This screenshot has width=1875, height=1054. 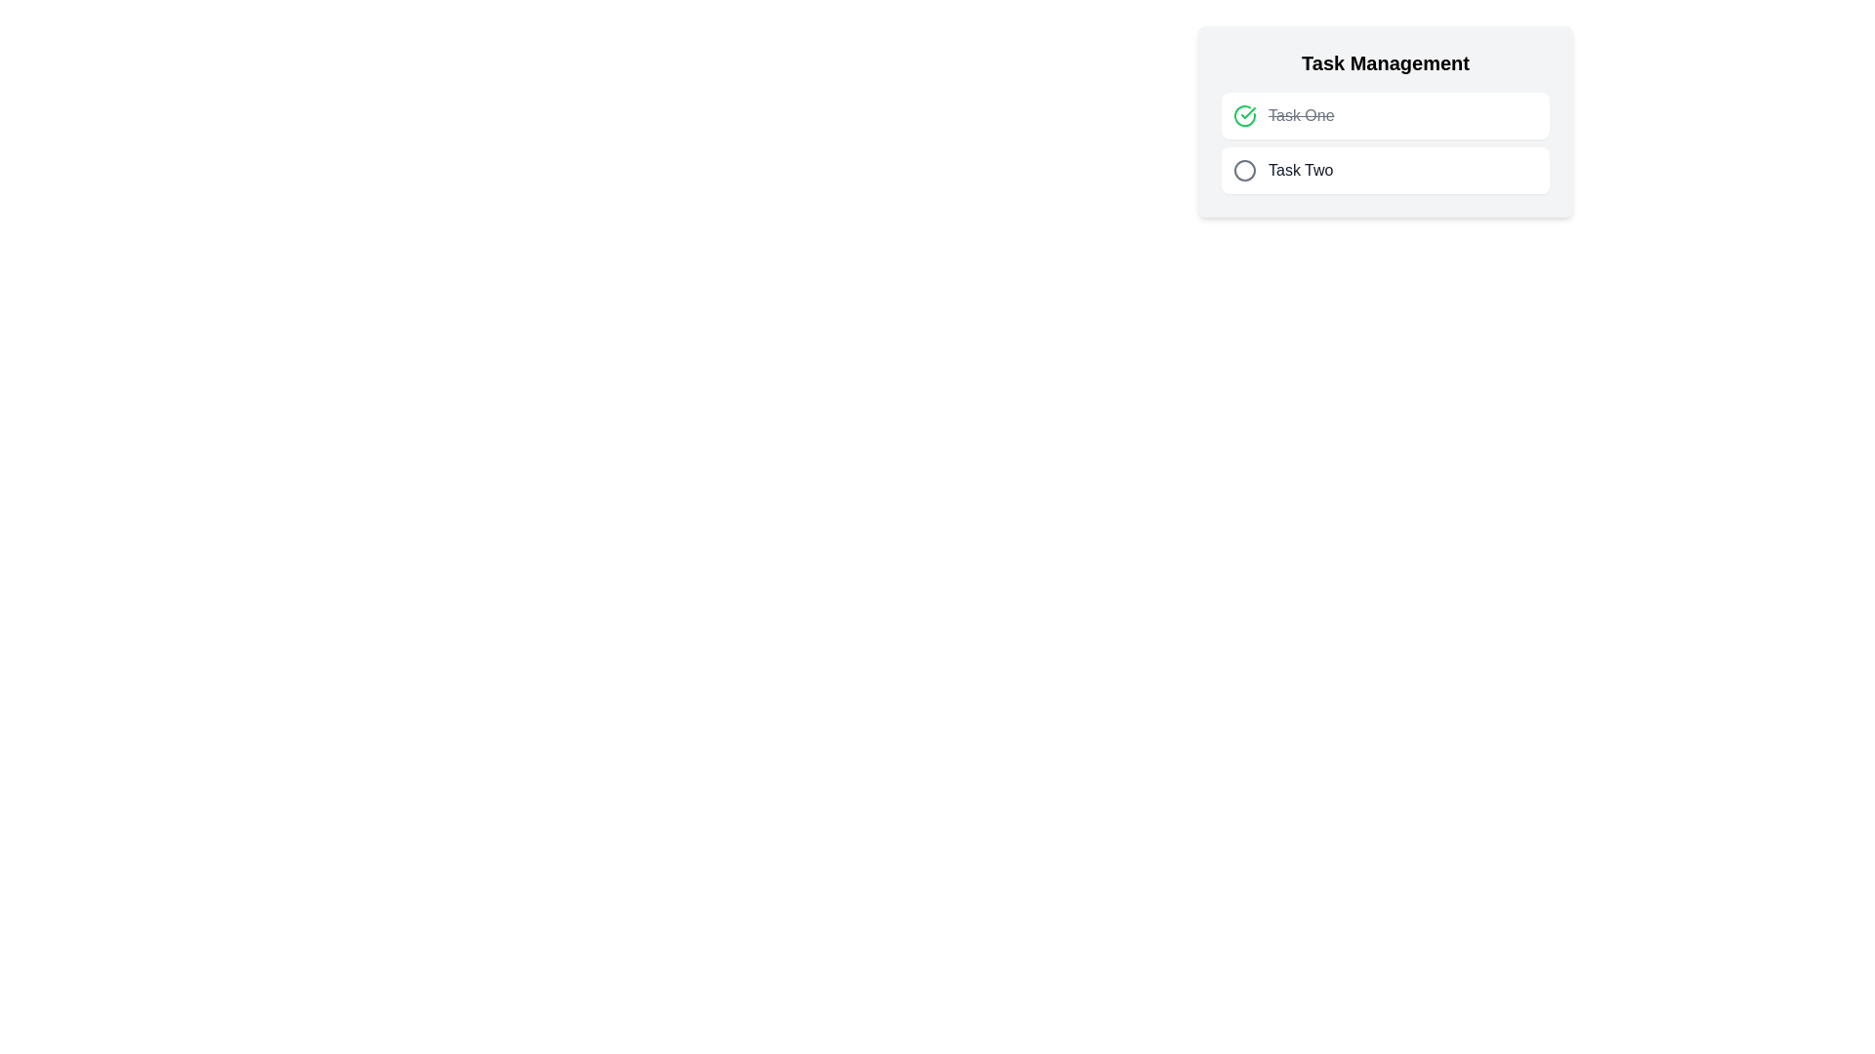 What do you see at coordinates (1244, 169) in the screenshot?
I see `the Icon Button that serves as a status indicator or action trigger for 'Task Two'` at bounding box center [1244, 169].